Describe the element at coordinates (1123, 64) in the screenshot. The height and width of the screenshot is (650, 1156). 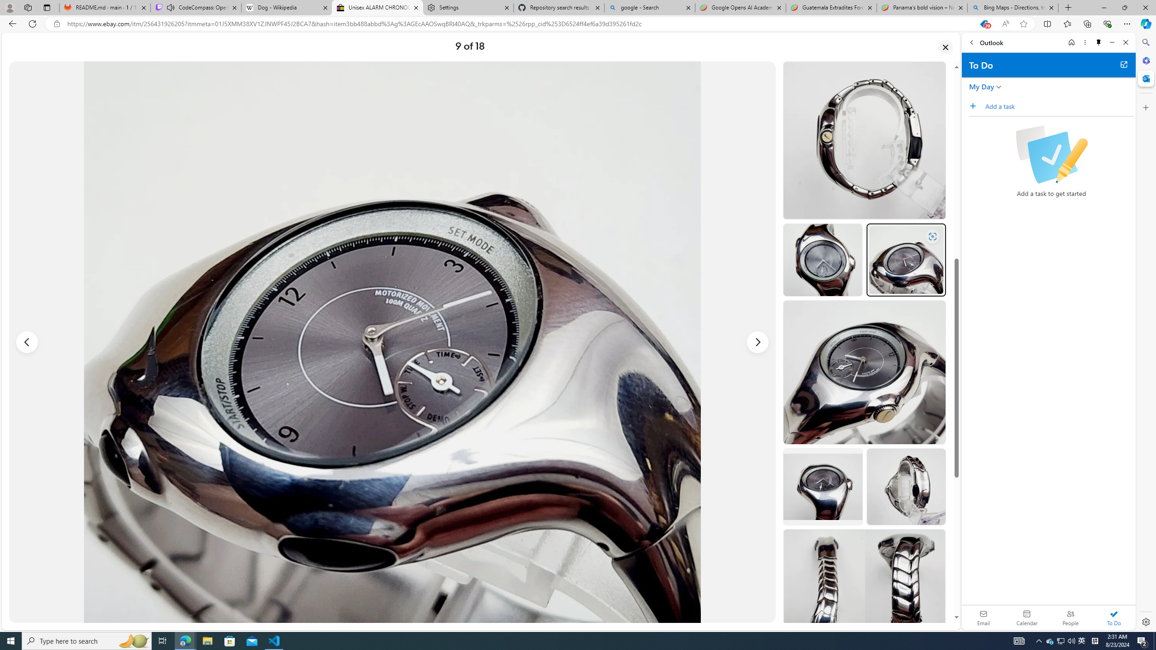
I see `'Open in new tab'` at that location.